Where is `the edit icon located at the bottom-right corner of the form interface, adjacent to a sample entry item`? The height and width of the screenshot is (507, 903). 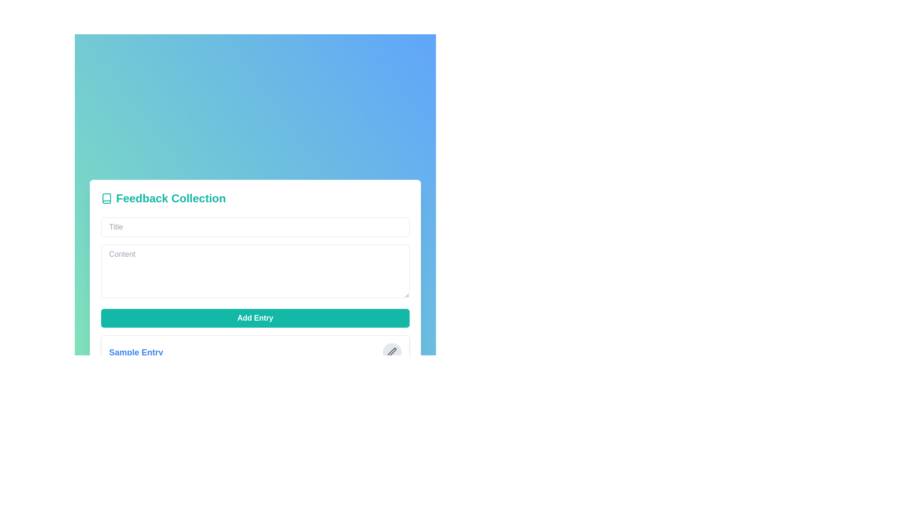 the edit icon located at the bottom-right corner of the form interface, adjacent to a sample entry item is located at coordinates (392, 352).